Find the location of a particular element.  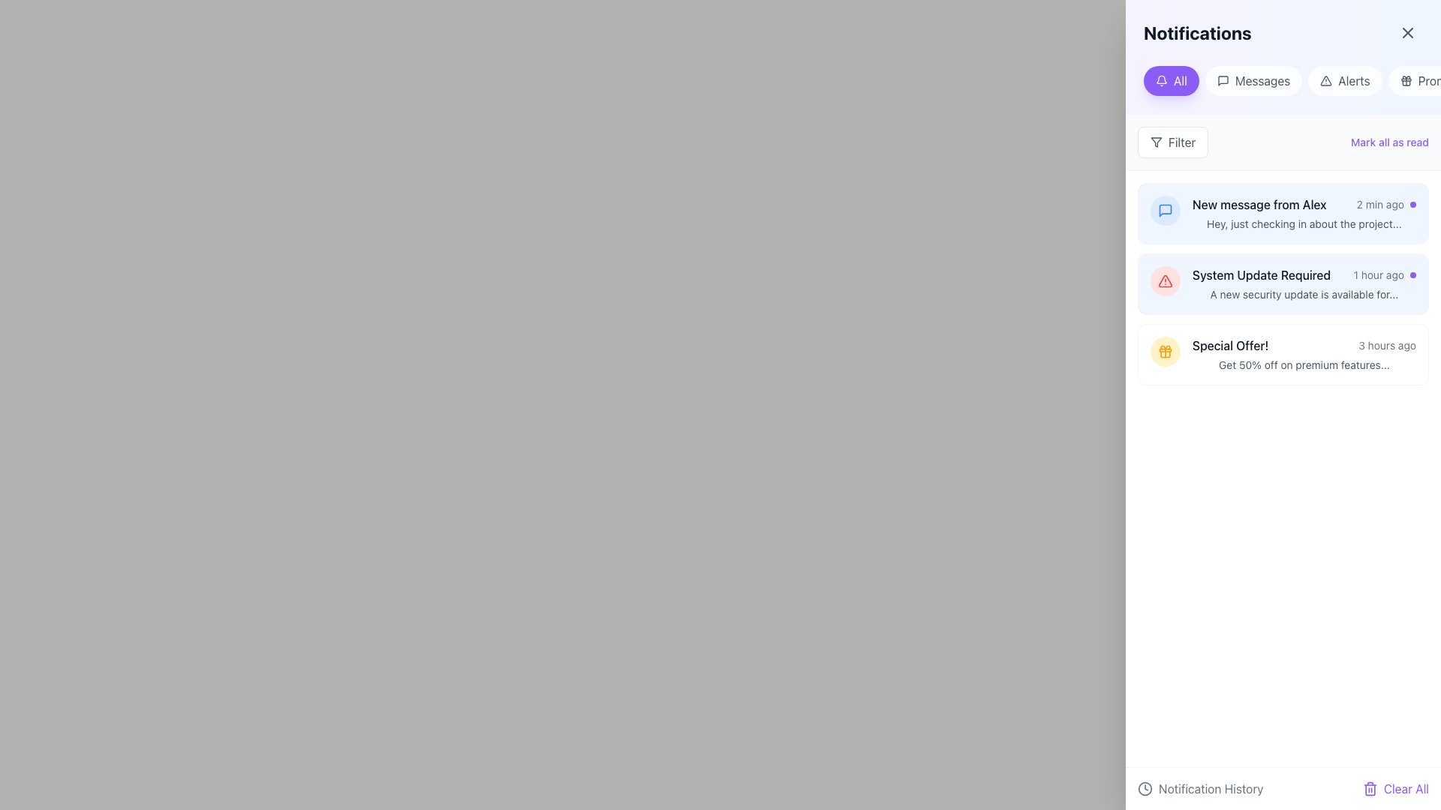

the Archive Action Button icon, which is a small gray drawer archive icon located on the right side of the second notification titled 'System Update Required' is located at coordinates (1343, 283).